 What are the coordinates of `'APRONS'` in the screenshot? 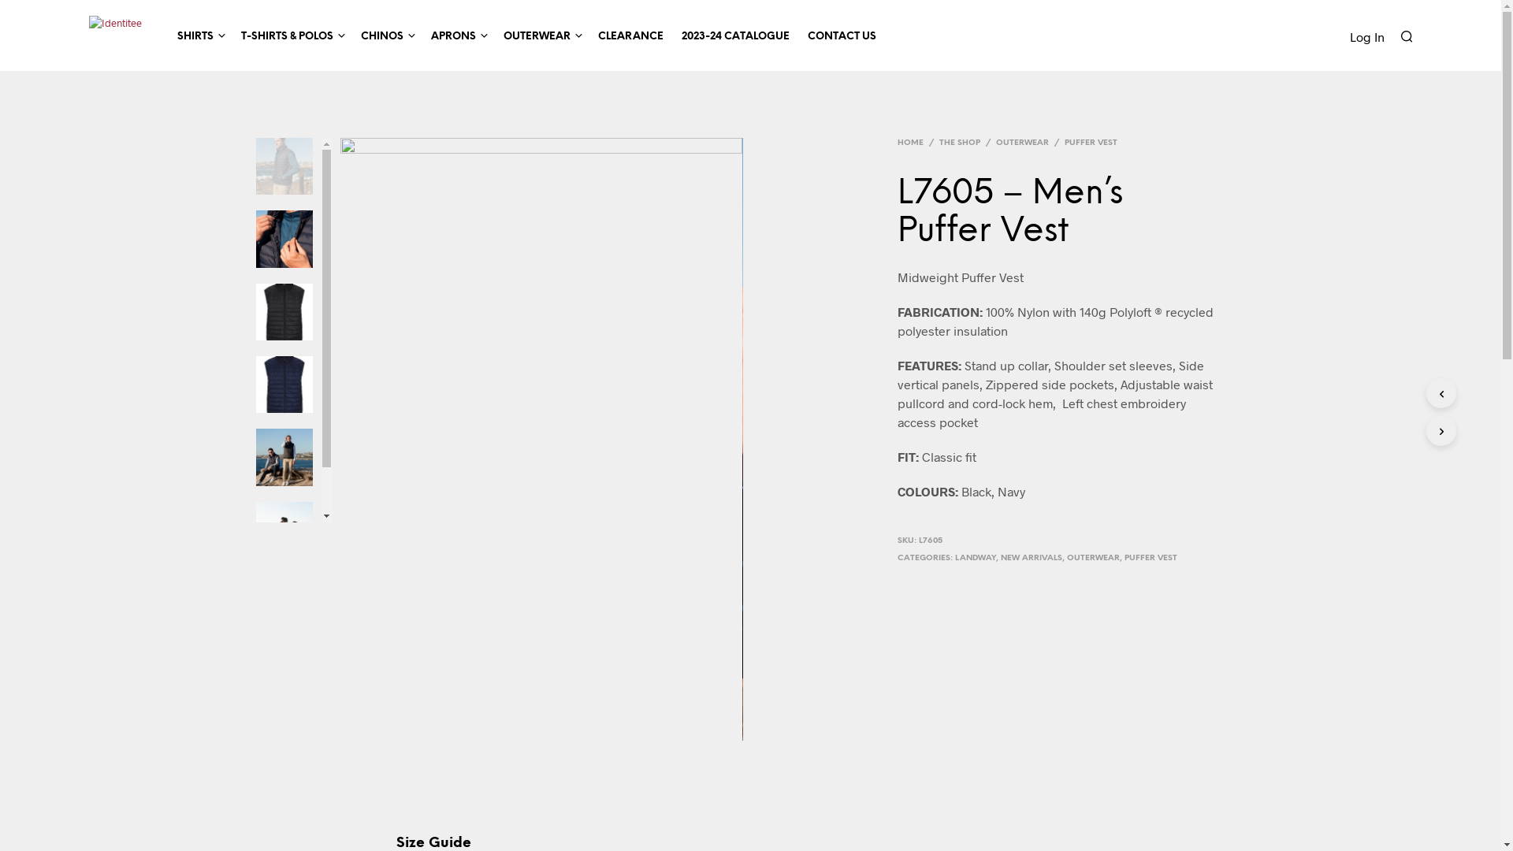 It's located at (452, 35).